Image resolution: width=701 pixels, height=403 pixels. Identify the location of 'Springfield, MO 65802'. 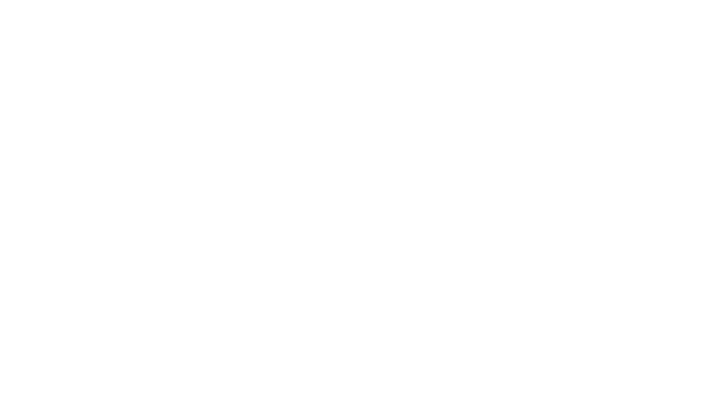
(318, 215).